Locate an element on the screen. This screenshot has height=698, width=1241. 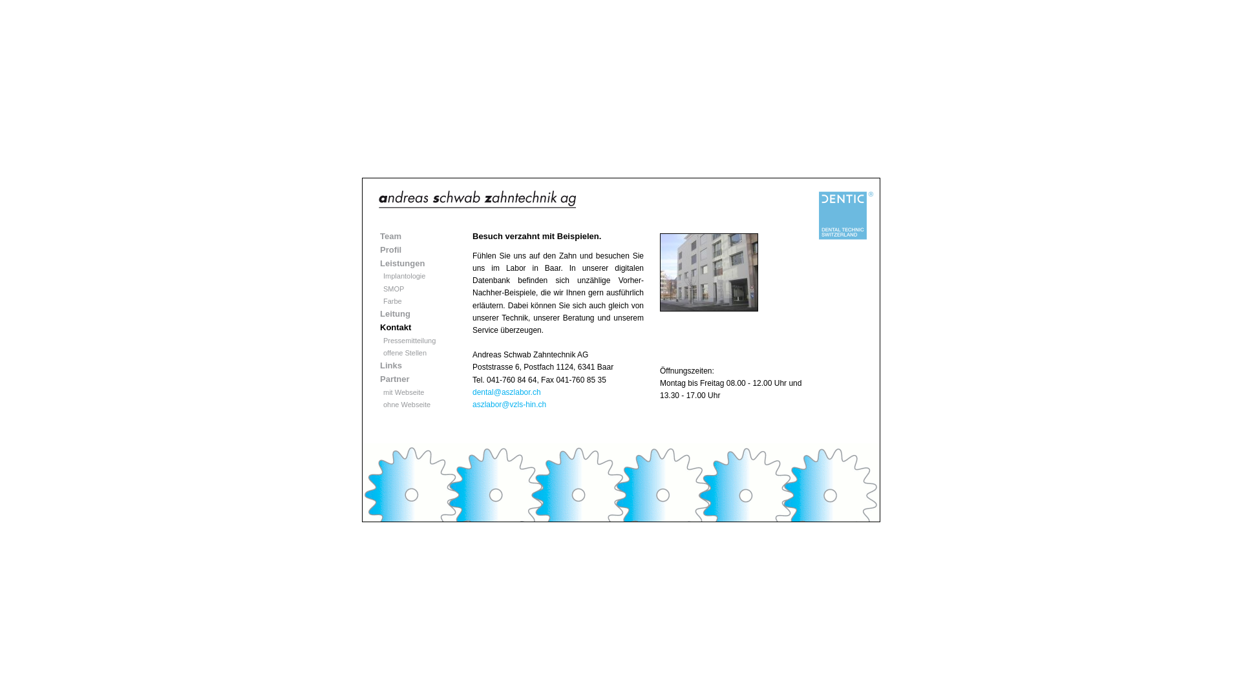
'Implantologie' is located at coordinates (383, 275).